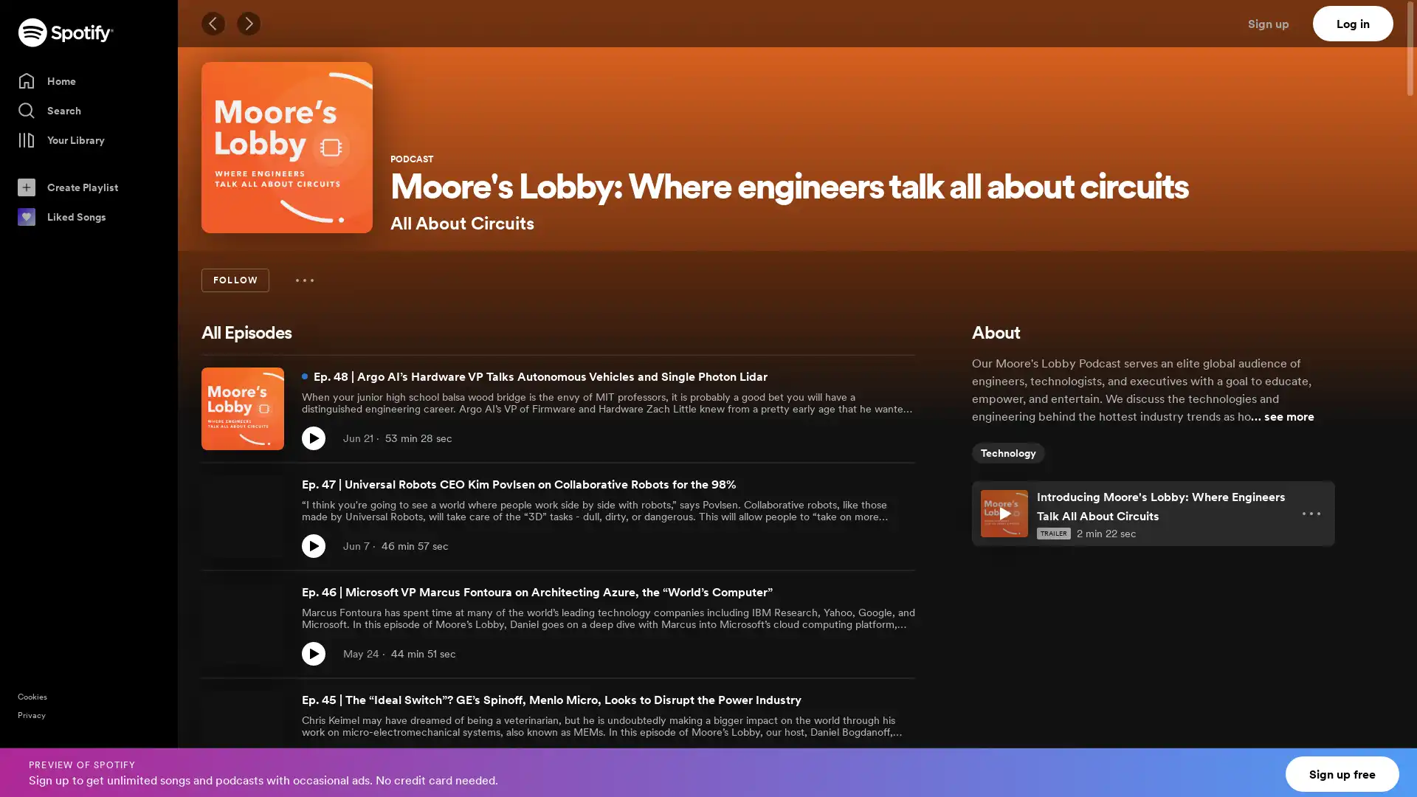 The image size is (1417, 797). Describe the element at coordinates (1281, 415) in the screenshot. I see `... see more` at that location.